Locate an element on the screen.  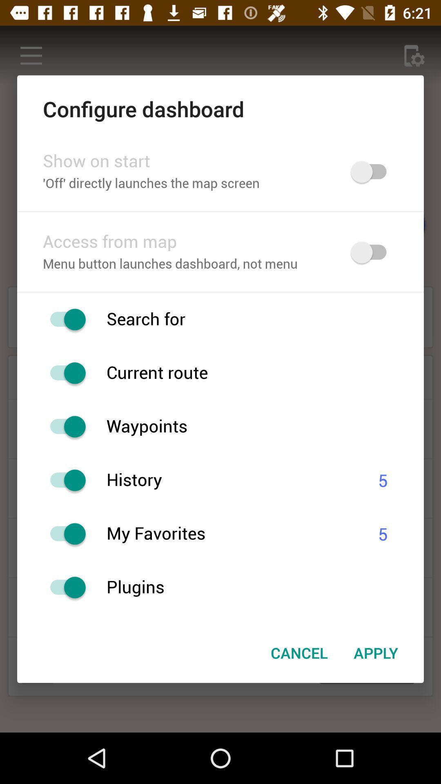
current route is located at coordinates (63, 372).